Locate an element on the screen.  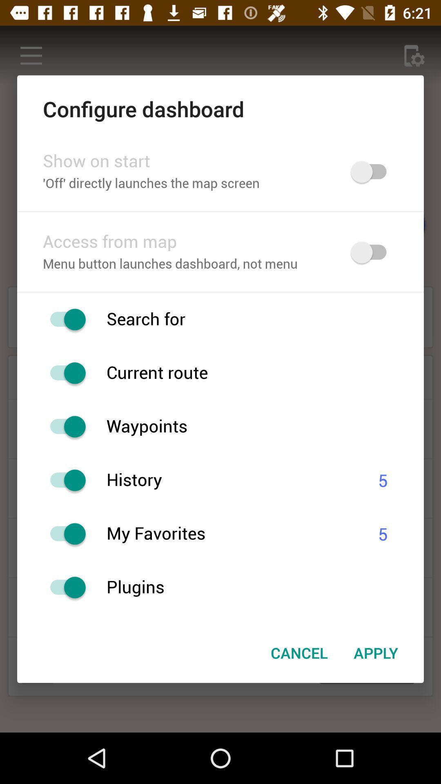
current route is located at coordinates (63, 372).